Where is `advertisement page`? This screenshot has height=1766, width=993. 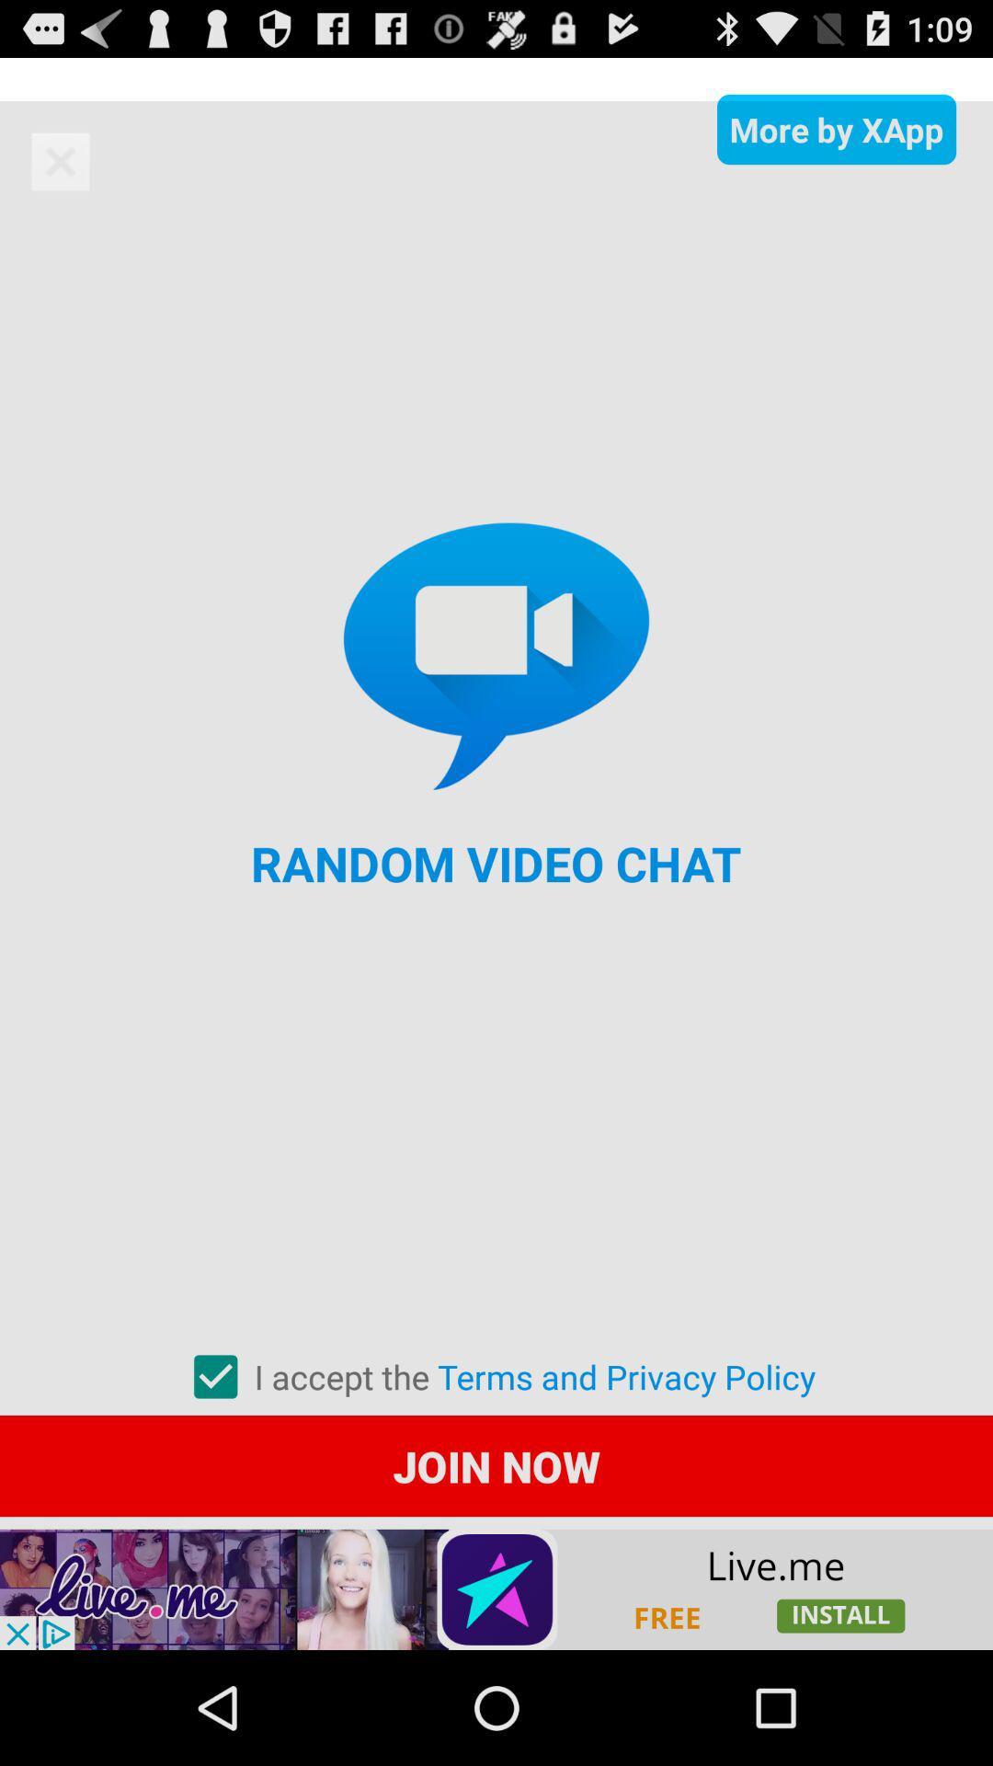
advertisement page is located at coordinates (496, 1588).